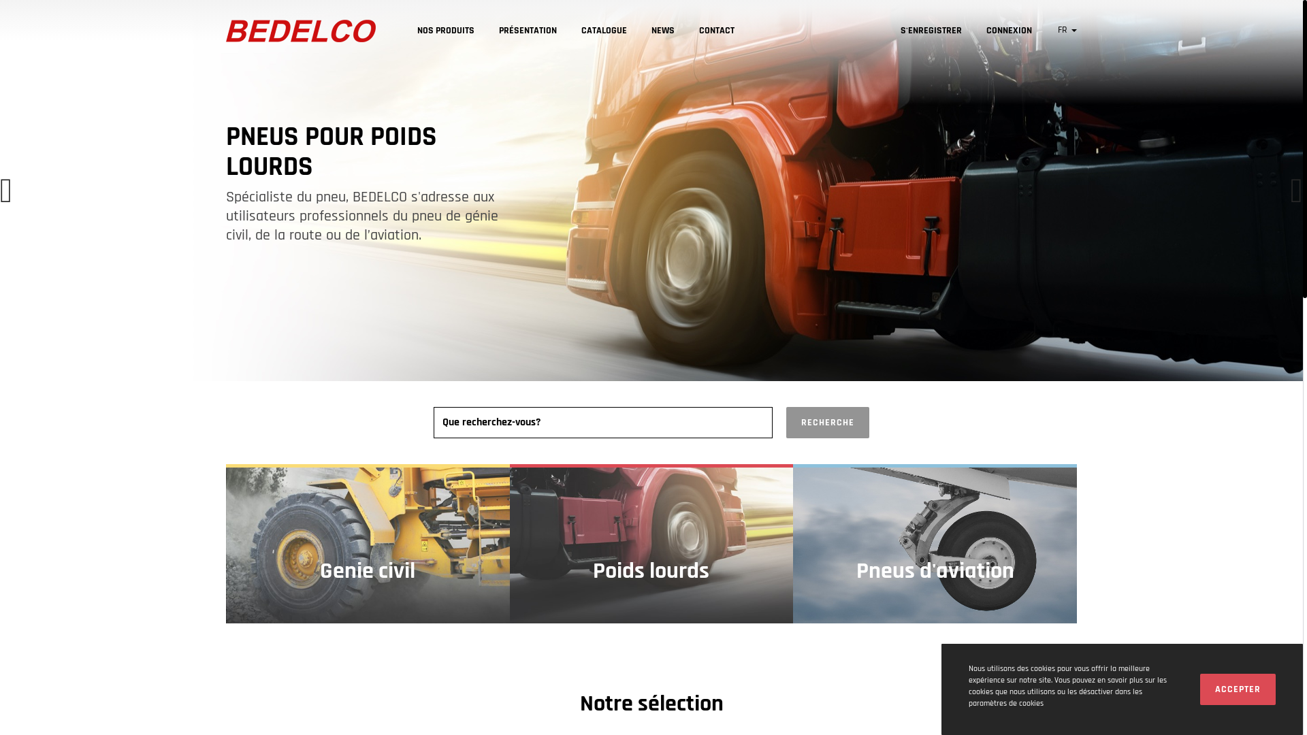 The height and width of the screenshot is (735, 1307). What do you see at coordinates (639, 31) in the screenshot?
I see `'NEWS'` at bounding box center [639, 31].